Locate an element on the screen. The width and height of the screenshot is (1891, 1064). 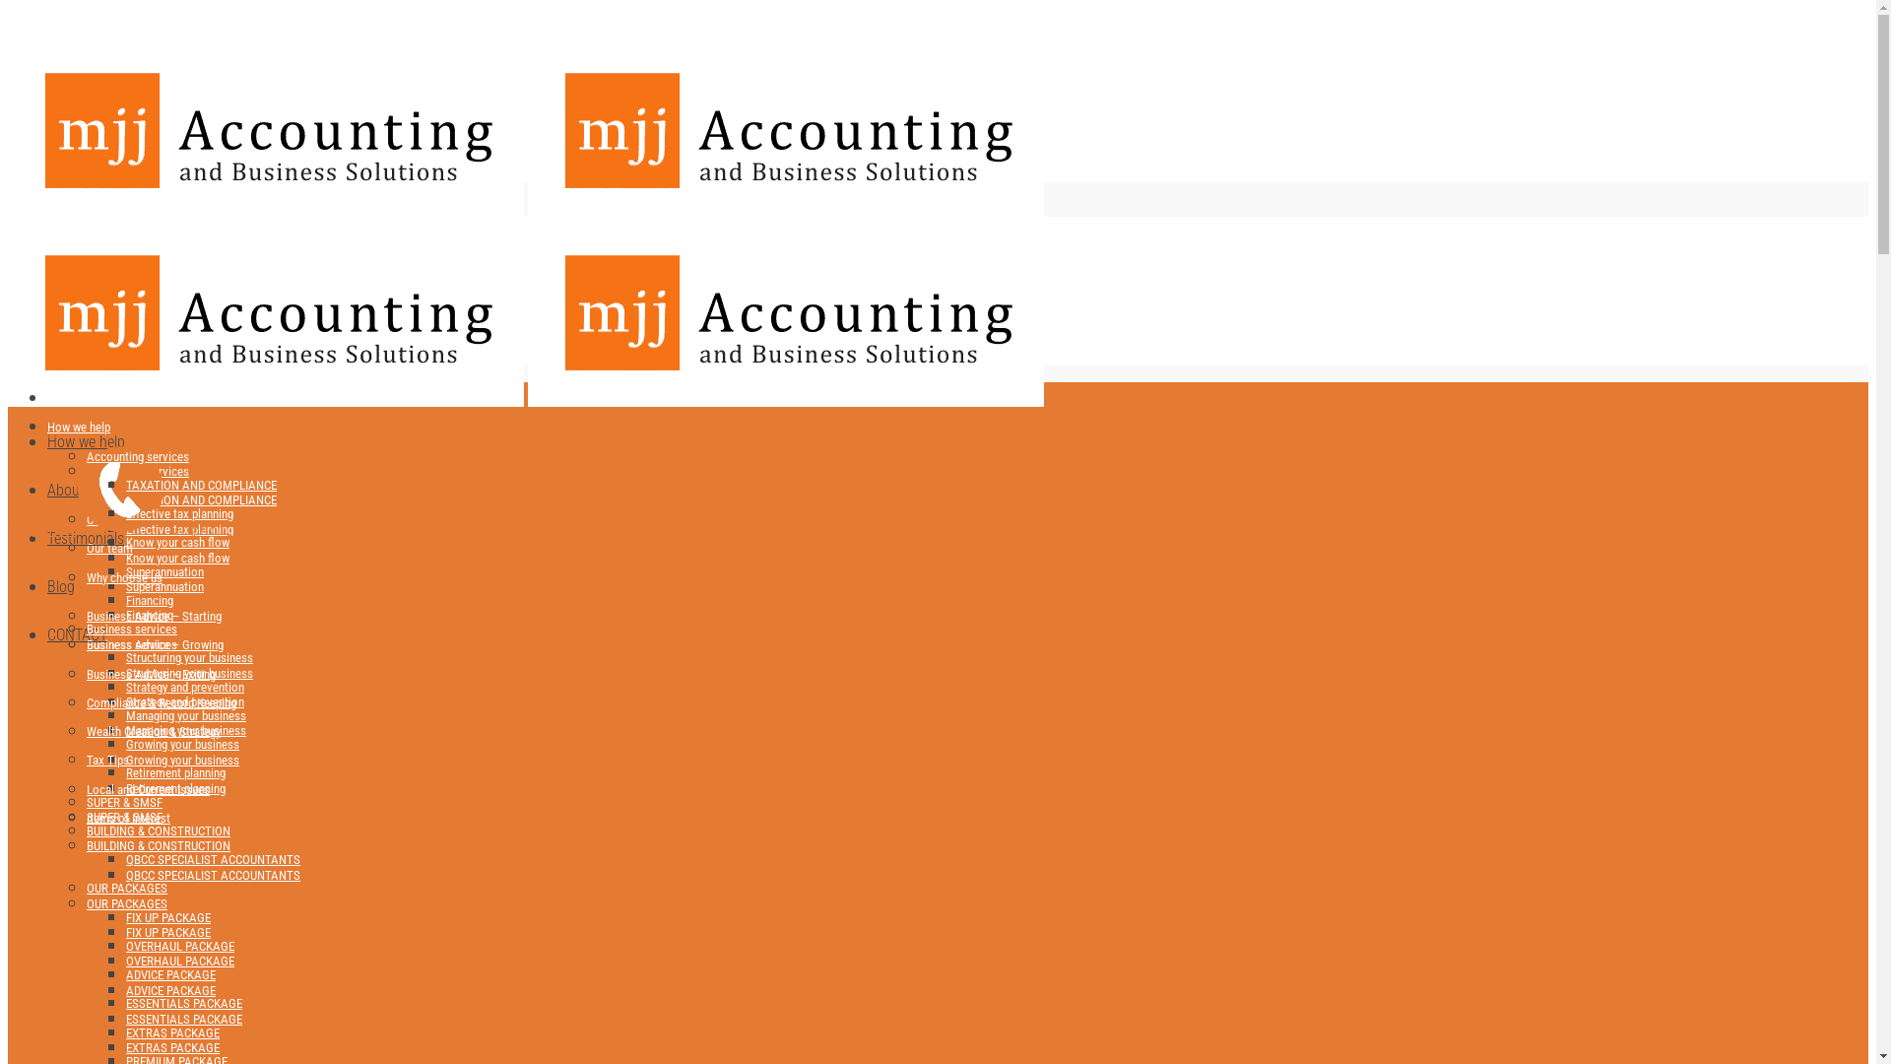
'Strategy and prevention' is located at coordinates (184, 700).